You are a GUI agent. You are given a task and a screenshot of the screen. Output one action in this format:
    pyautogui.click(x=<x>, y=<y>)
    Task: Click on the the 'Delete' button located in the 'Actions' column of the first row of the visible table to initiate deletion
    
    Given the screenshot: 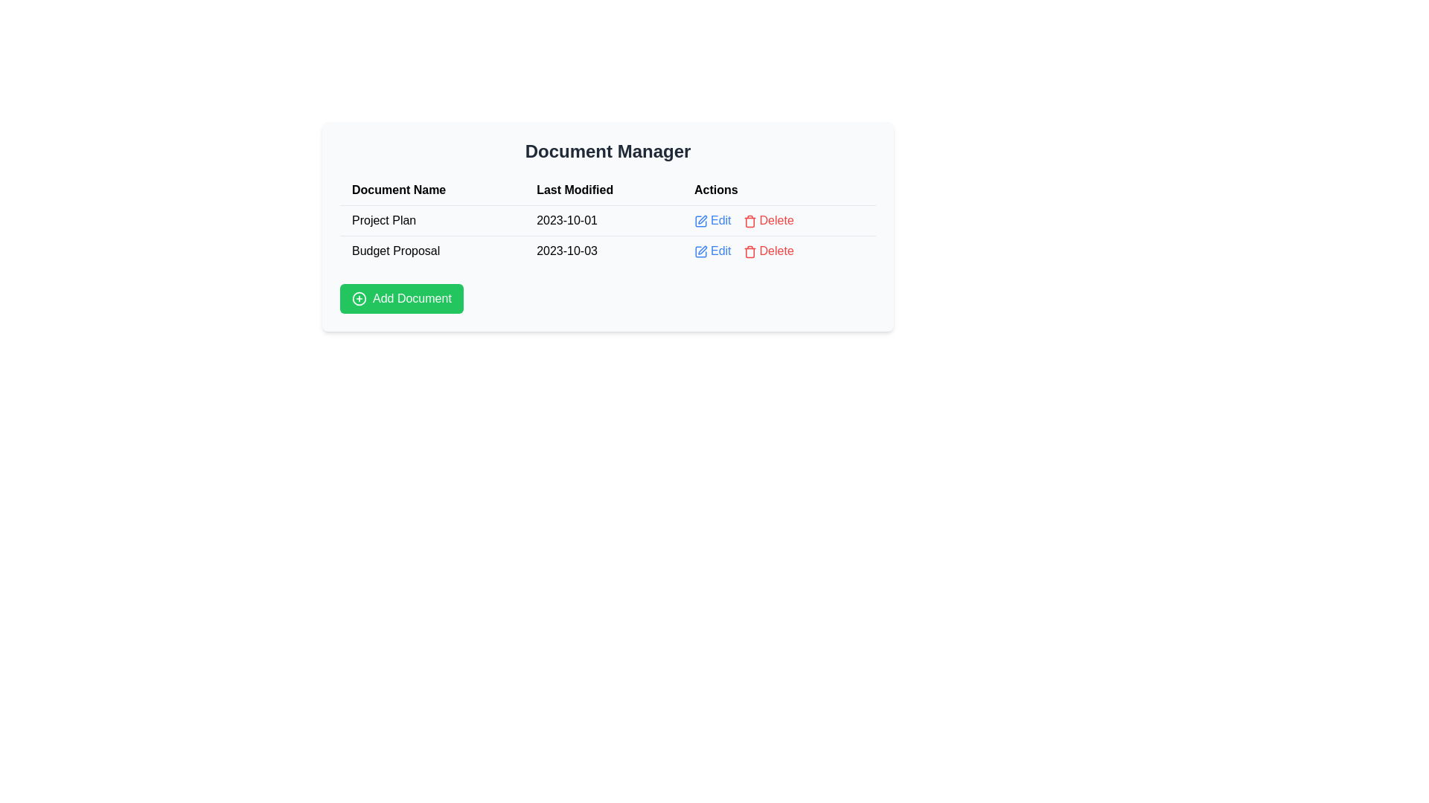 What is the action you would take?
    pyautogui.click(x=768, y=221)
    